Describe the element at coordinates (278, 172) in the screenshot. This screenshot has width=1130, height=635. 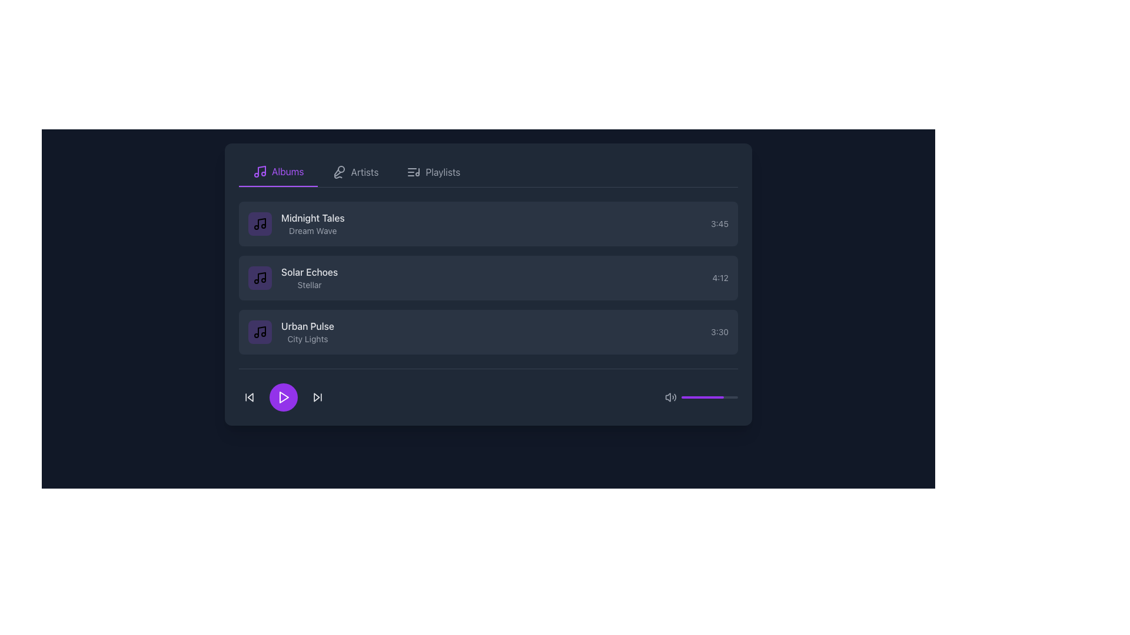
I see `the active 'Albums' tab in the navigation bar, which features a purple music note icon and highlighted purple text` at that location.